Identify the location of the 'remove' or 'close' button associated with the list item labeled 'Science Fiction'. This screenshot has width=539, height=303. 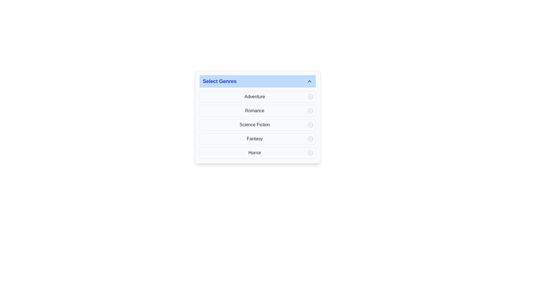
(310, 124).